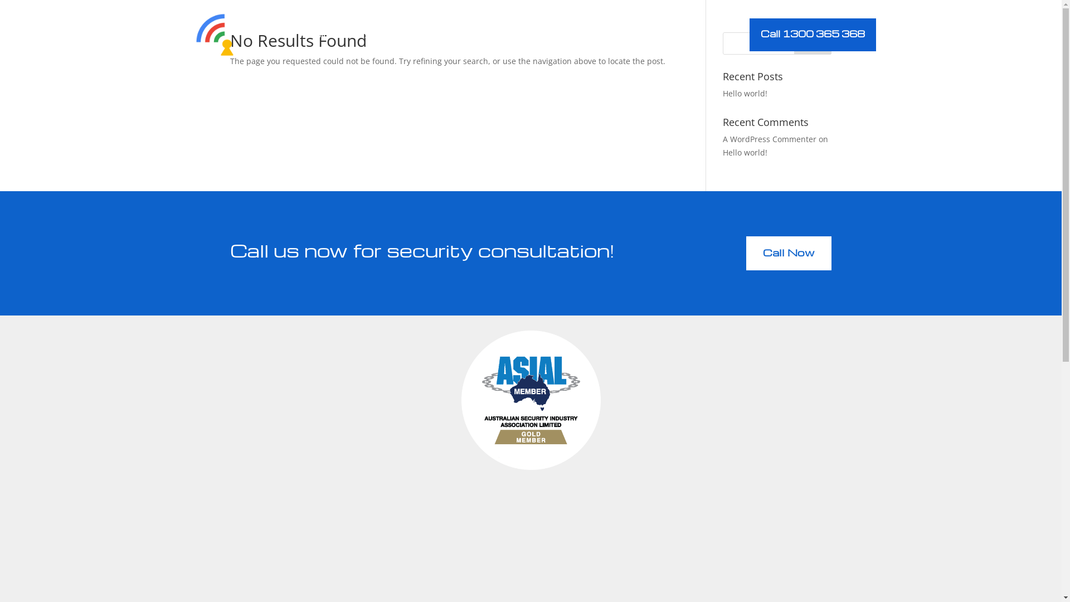  What do you see at coordinates (813, 34) in the screenshot?
I see `'Call 1300 365 368'` at bounding box center [813, 34].